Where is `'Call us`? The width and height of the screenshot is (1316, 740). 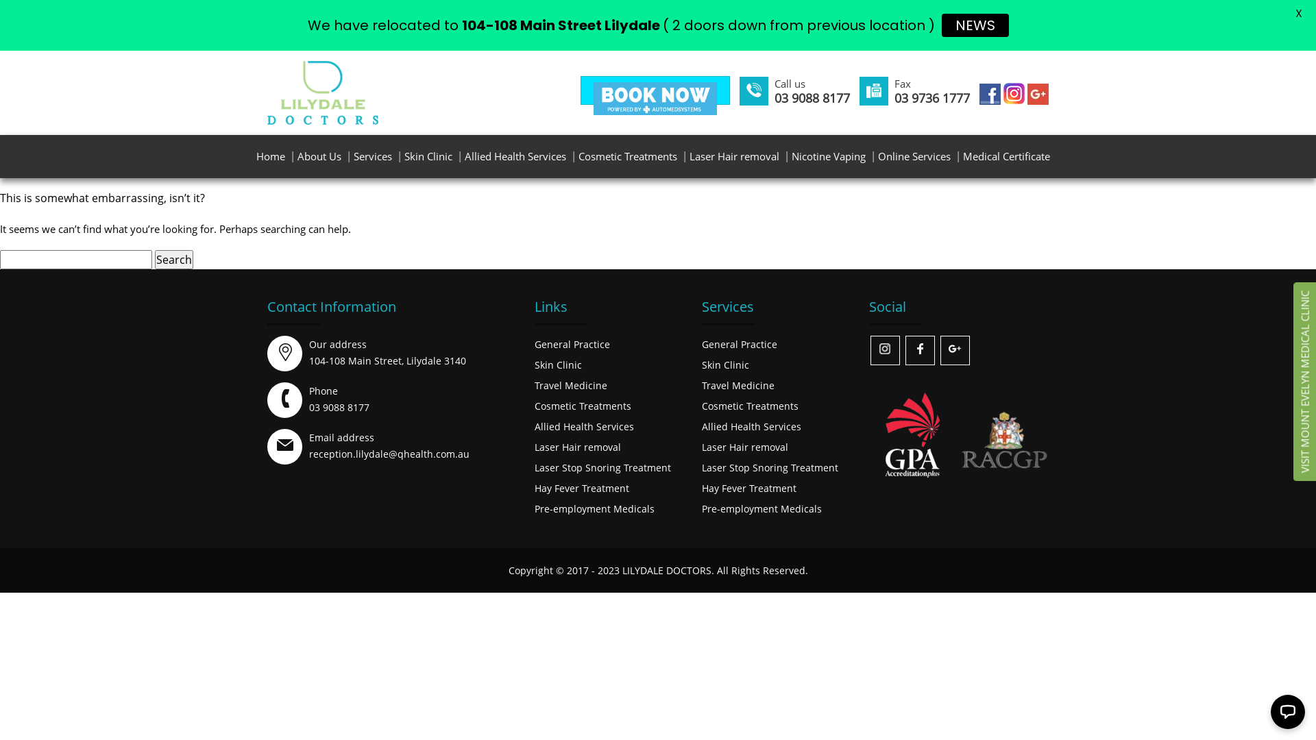 'Call us is located at coordinates (774, 84).